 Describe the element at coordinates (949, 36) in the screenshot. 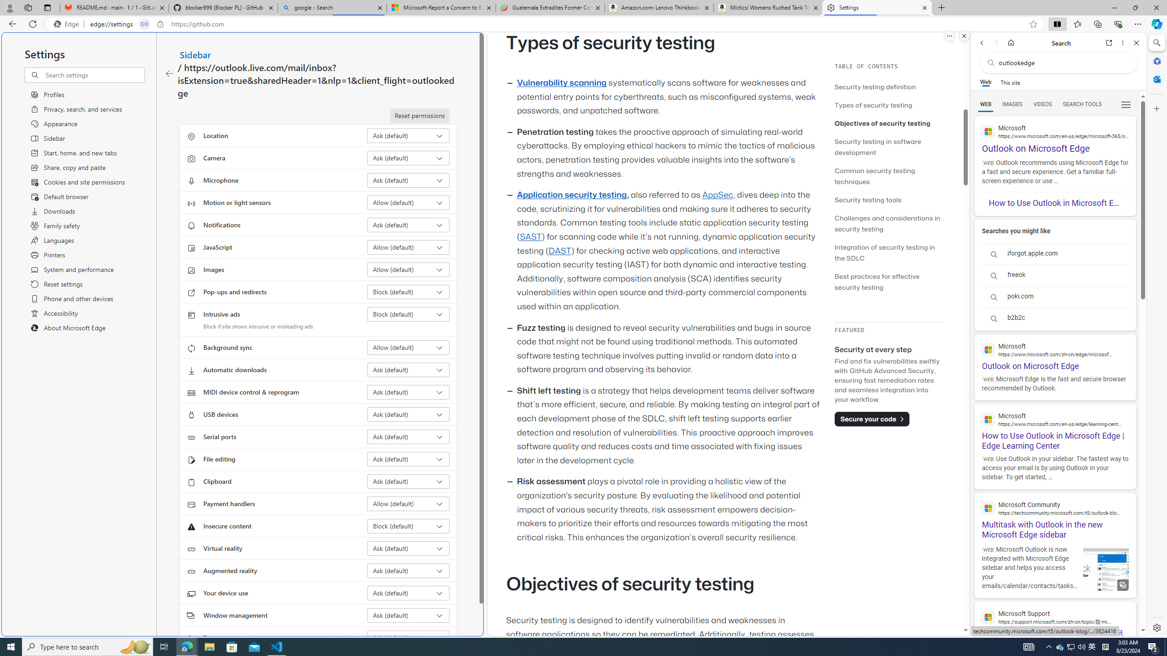

I see `'More options.'` at that location.